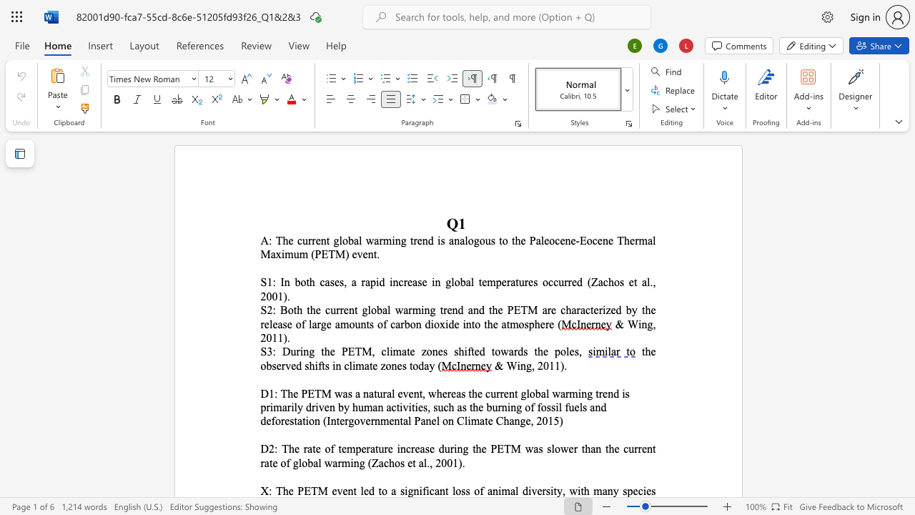 Image resolution: width=915 pixels, height=515 pixels. What do you see at coordinates (563, 351) in the screenshot?
I see `the 3th character "o" in the text` at bounding box center [563, 351].